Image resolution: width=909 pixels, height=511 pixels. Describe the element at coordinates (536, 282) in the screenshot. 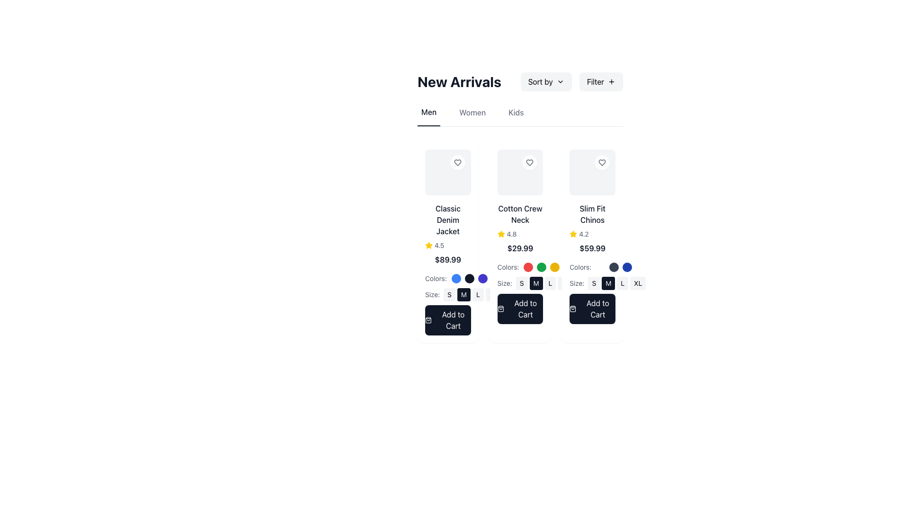

I see `the medium-sized, dark gray button with the bold, white capital letter 'M' located in the second column of the product size selection section, positioned between the 'S' and 'L' buttons` at that location.